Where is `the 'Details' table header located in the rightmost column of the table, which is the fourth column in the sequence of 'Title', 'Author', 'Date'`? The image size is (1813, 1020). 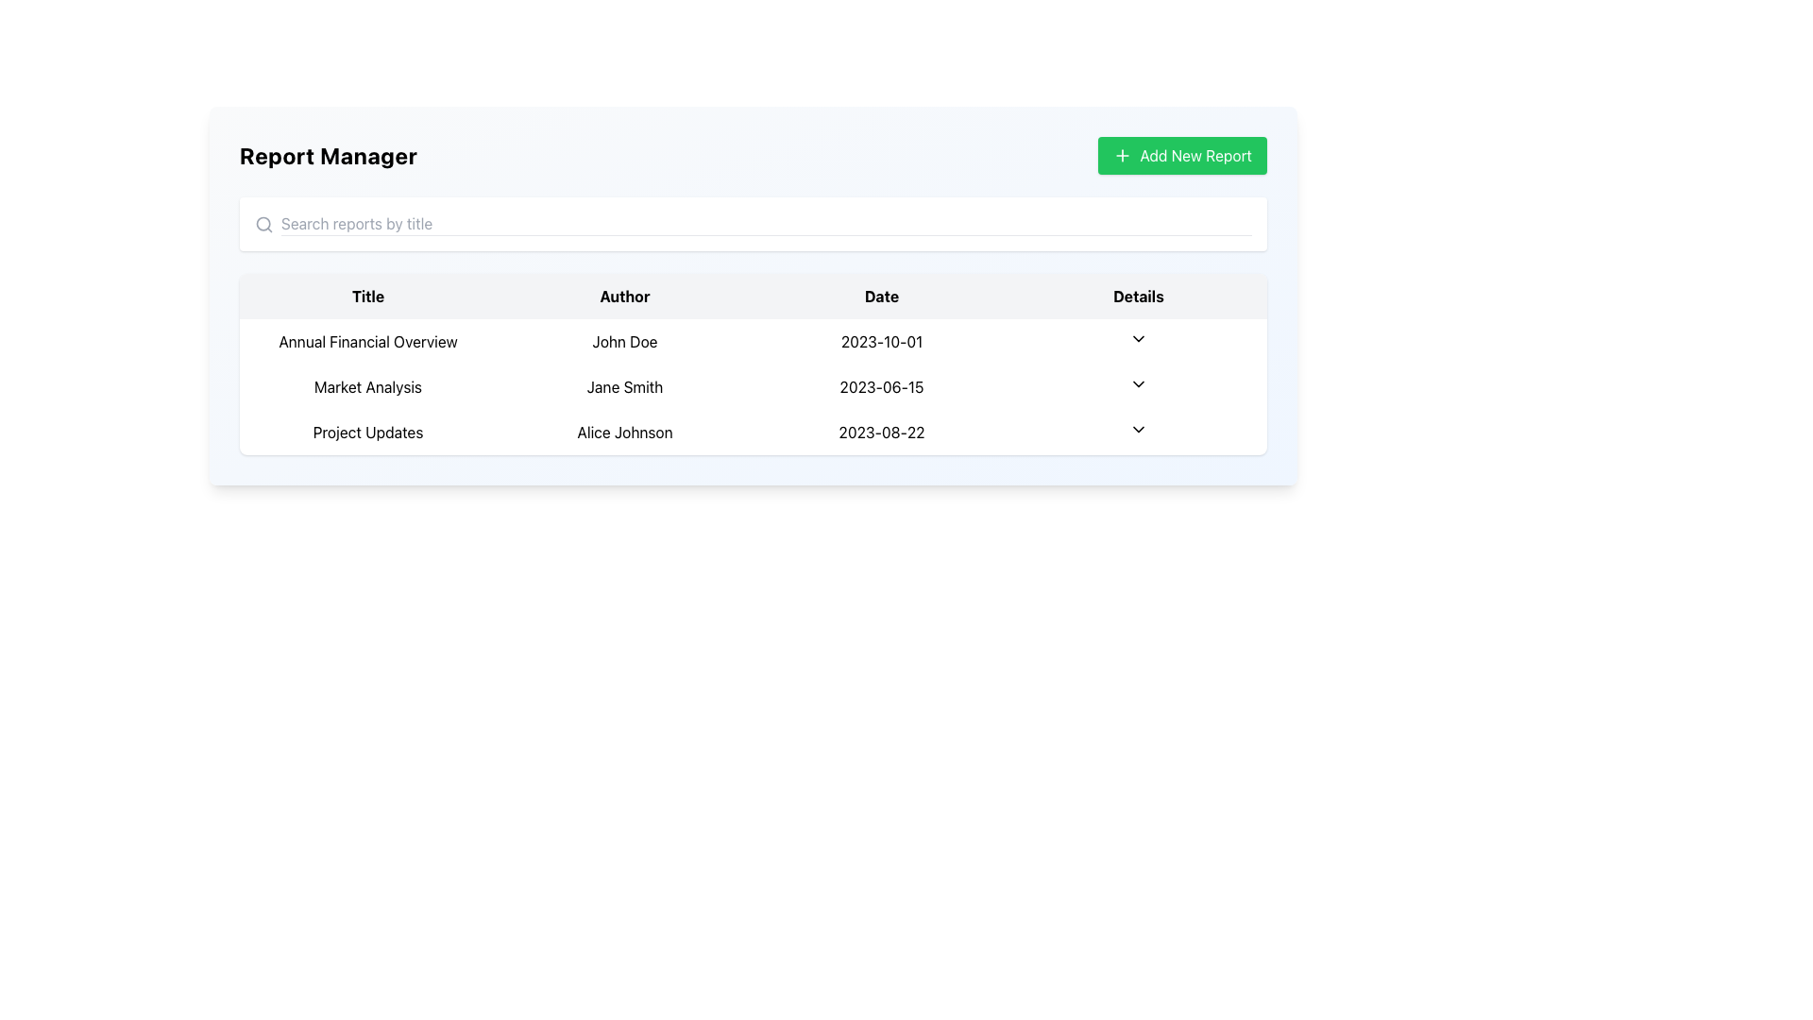
the 'Details' table header located in the rightmost column of the table, which is the fourth column in the sequence of 'Title', 'Author', 'Date' is located at coordinates (1137, 296).